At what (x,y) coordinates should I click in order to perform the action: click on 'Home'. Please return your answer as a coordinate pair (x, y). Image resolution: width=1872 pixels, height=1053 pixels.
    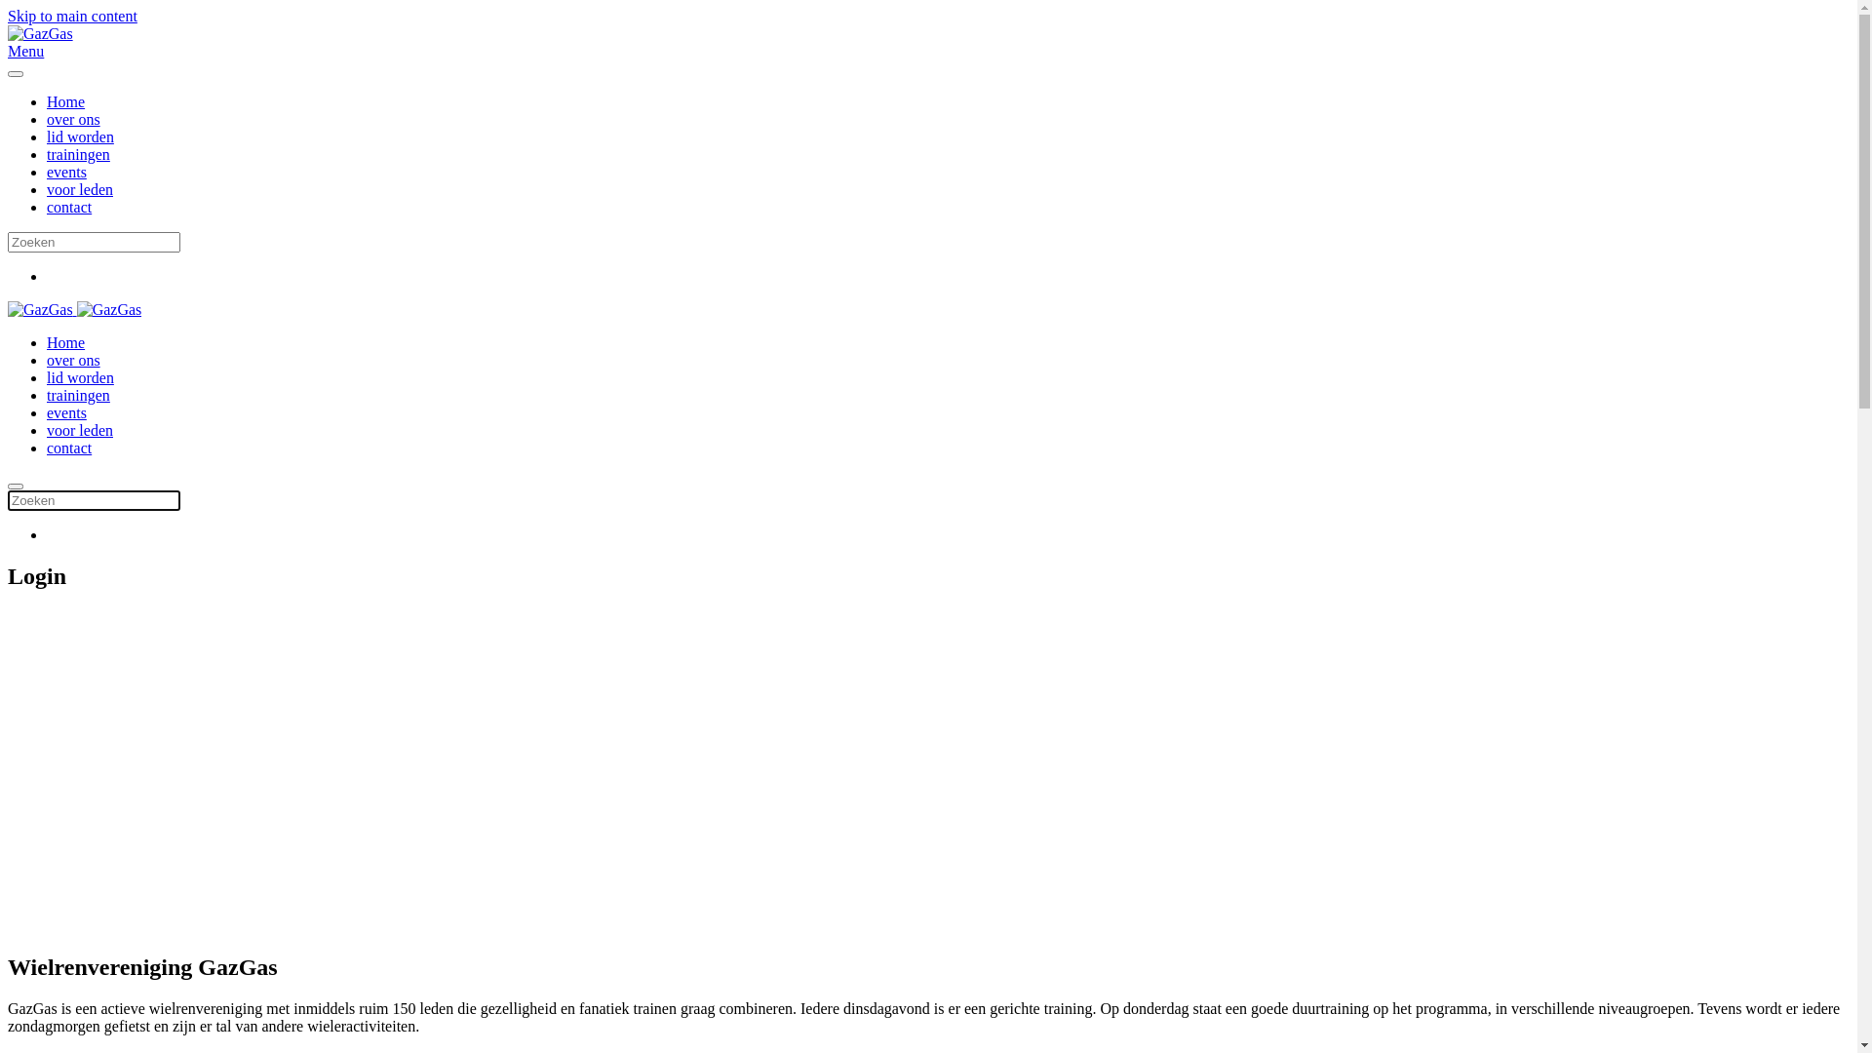
    Looking at the image, I should click on (65, 101).